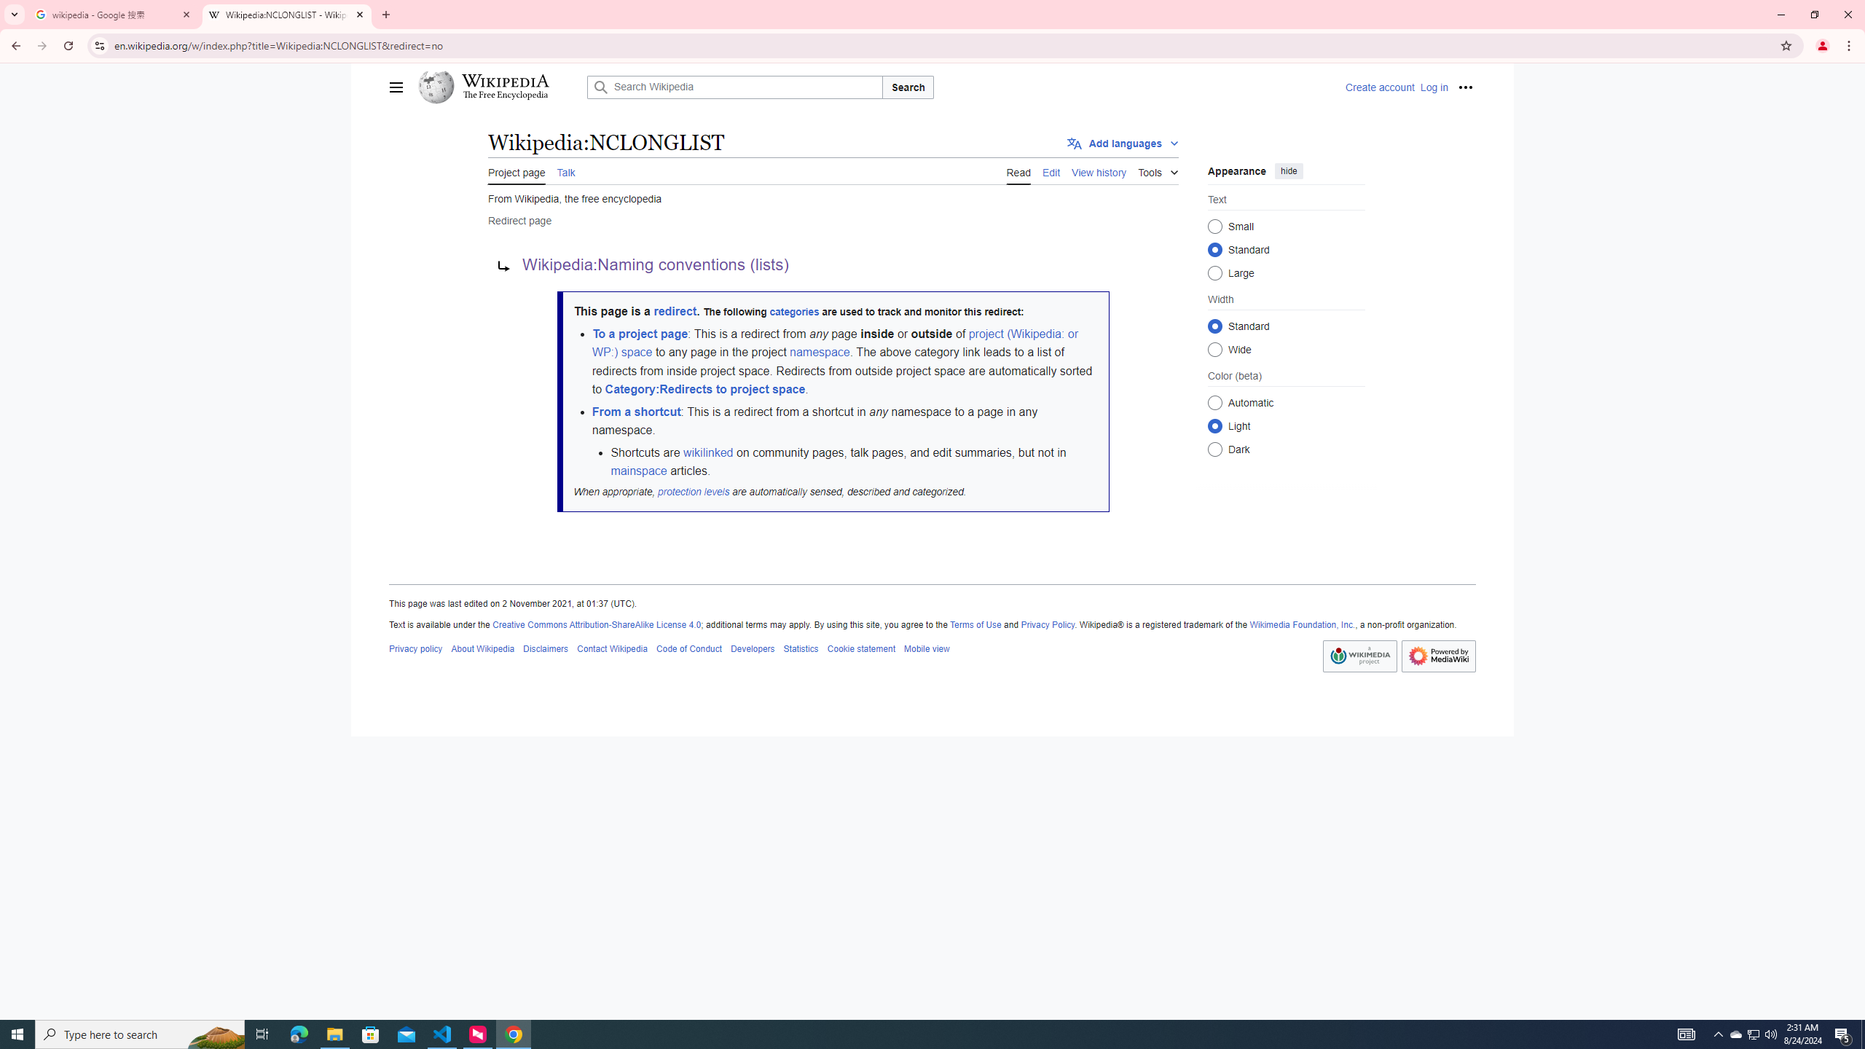  Describe the element at coordinates (1289, 170) in the screenshot. I see `'hide'` at that location.